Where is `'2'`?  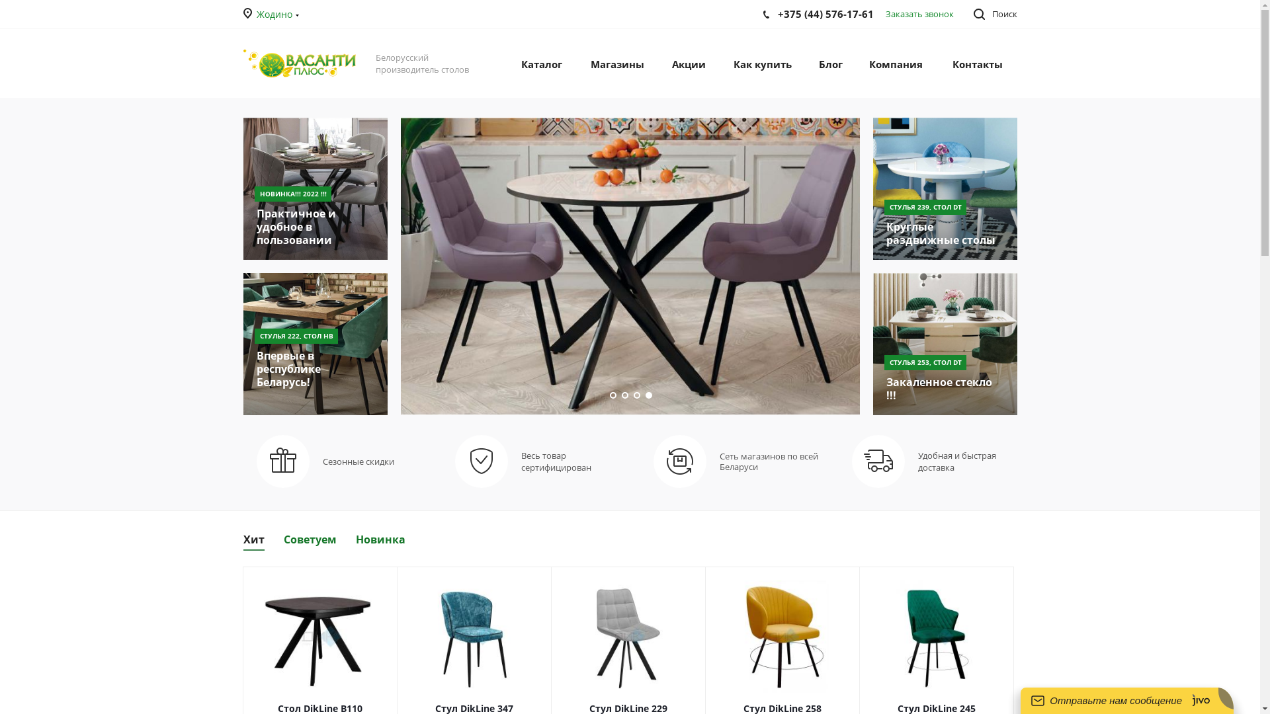
'2' is located at coordinates (624, 394).